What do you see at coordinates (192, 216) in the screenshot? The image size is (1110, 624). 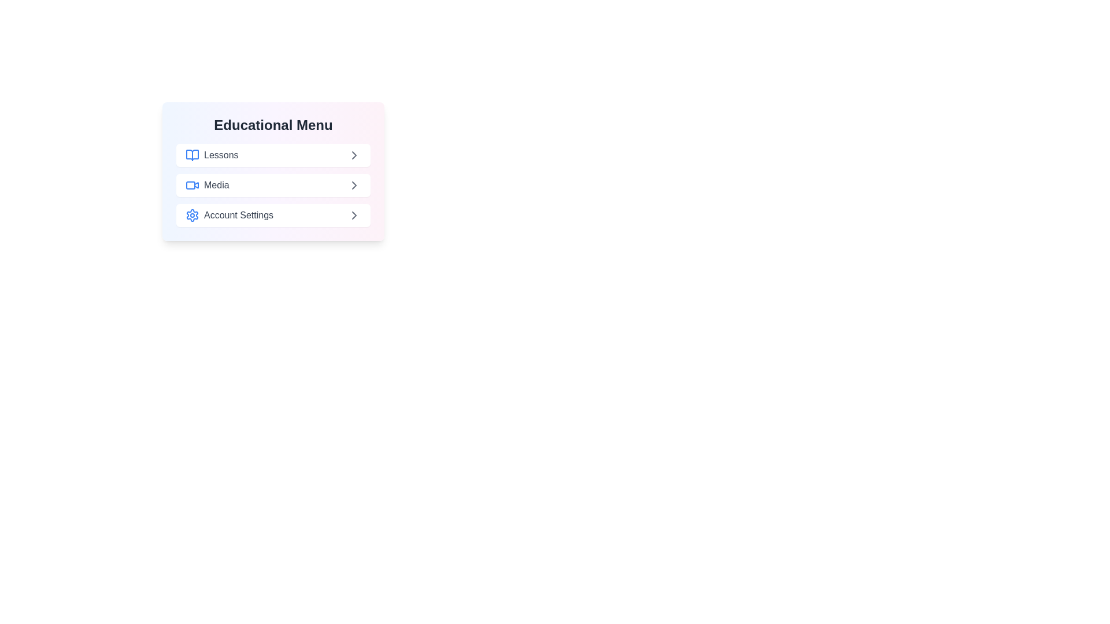 I see `the blue gear icon next to 'Account Settings' in the Educational Menu` at bounding box center [192, 216].